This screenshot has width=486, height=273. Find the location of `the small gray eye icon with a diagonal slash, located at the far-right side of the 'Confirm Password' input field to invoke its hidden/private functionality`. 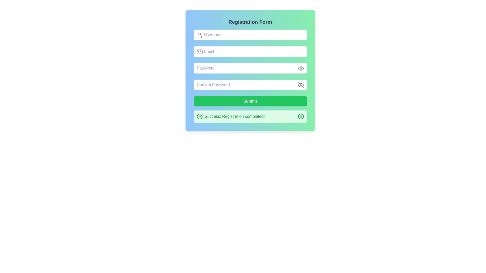

the small gray eye icon with a diagonal slash, located at the far-right side of the 'Confirm Password' input field to invoke its hidden/private functionality is located at coordinates (301, 85).